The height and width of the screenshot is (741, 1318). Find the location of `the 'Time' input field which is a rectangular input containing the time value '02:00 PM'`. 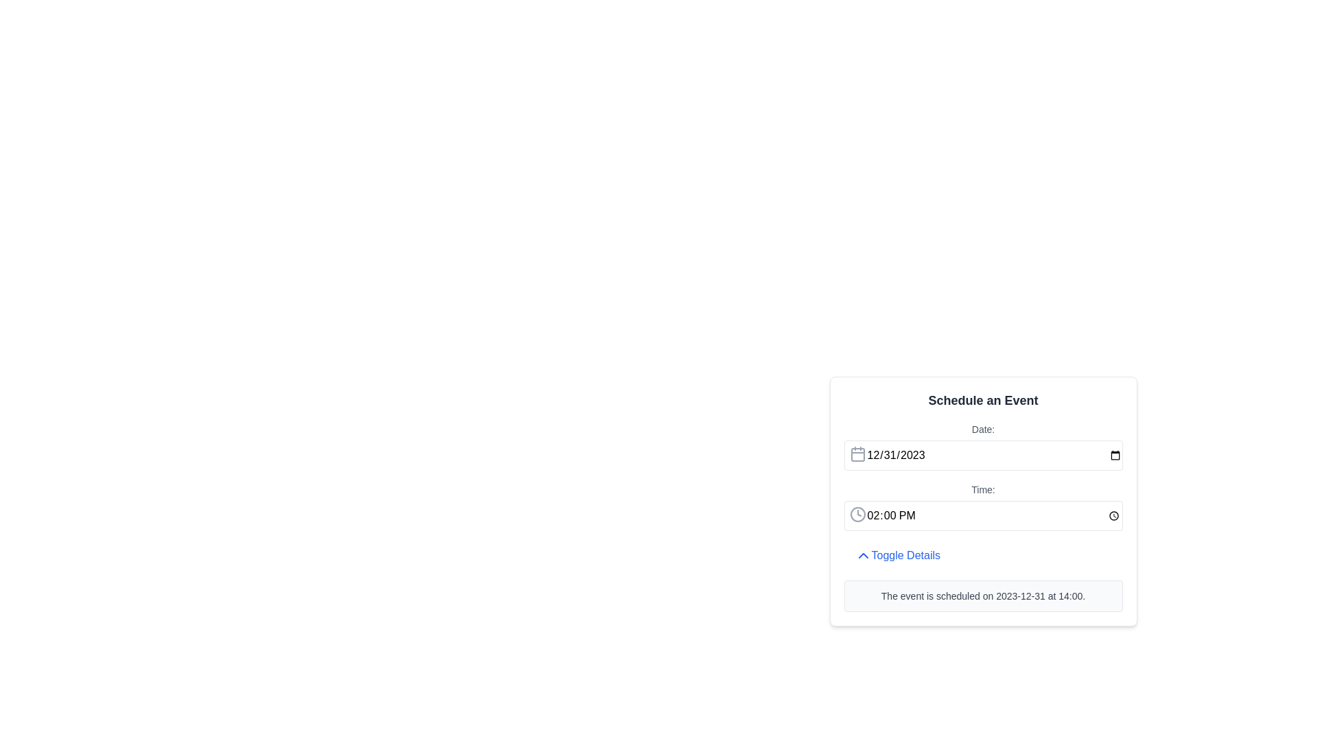

the 'Time' input field which is a rectangular input containing the time value '02:00 PM' is located at coordinates (982, 516).